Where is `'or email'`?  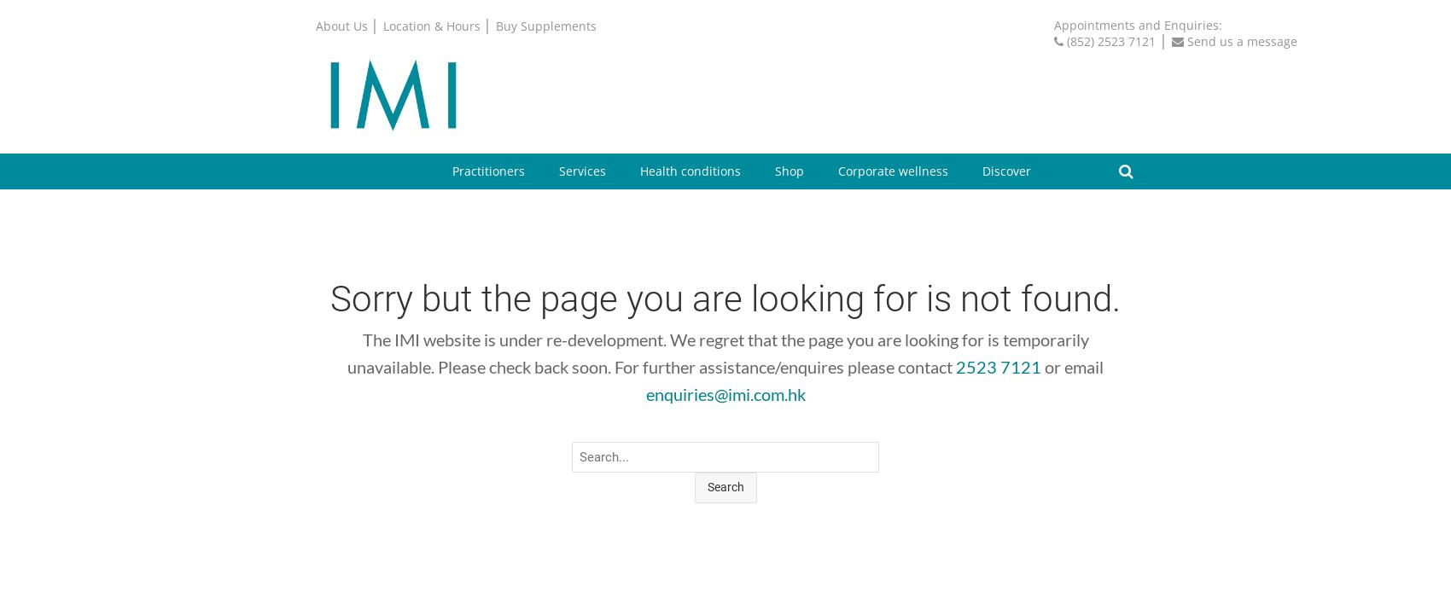
'or email' is located at coordinates (1040, 365).